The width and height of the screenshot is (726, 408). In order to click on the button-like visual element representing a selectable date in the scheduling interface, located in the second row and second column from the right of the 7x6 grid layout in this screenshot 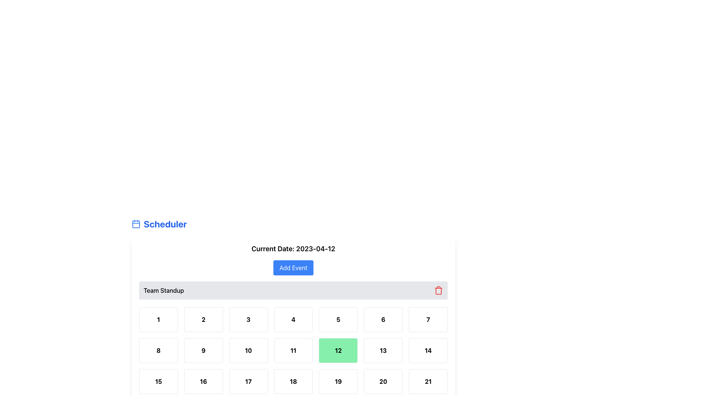, I will do `click(383, 351)`.